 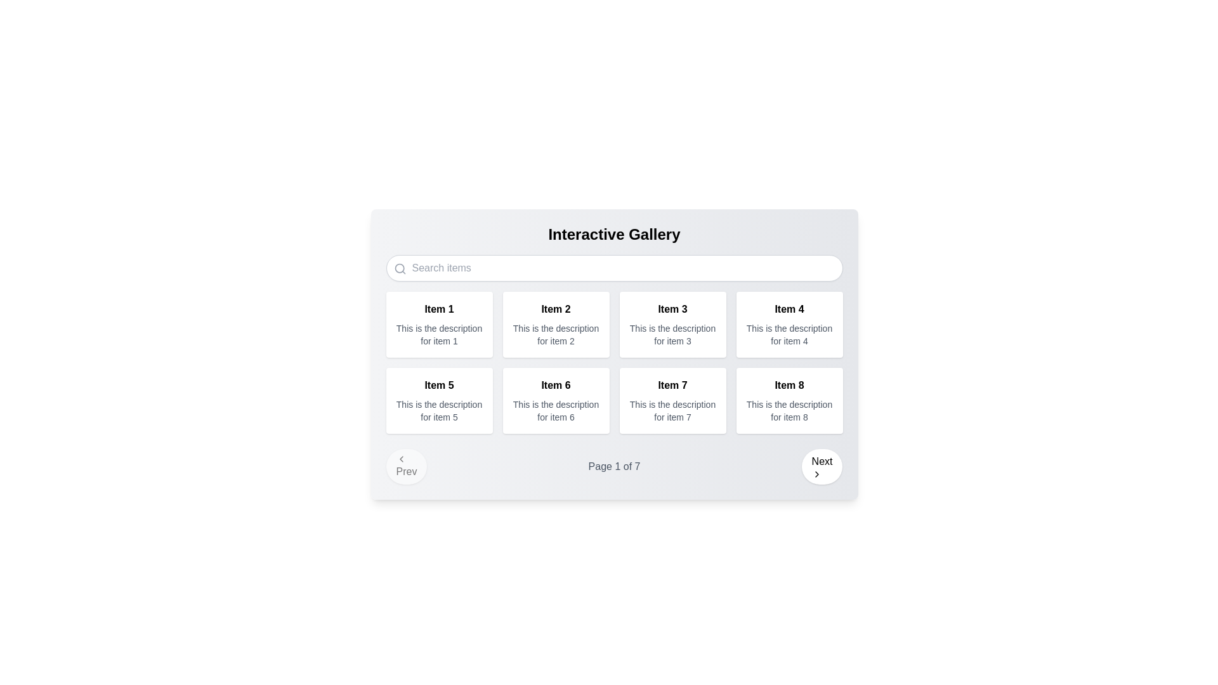 I want to click on the bold text label reading 'Item 5', so click(x=439, y=385).